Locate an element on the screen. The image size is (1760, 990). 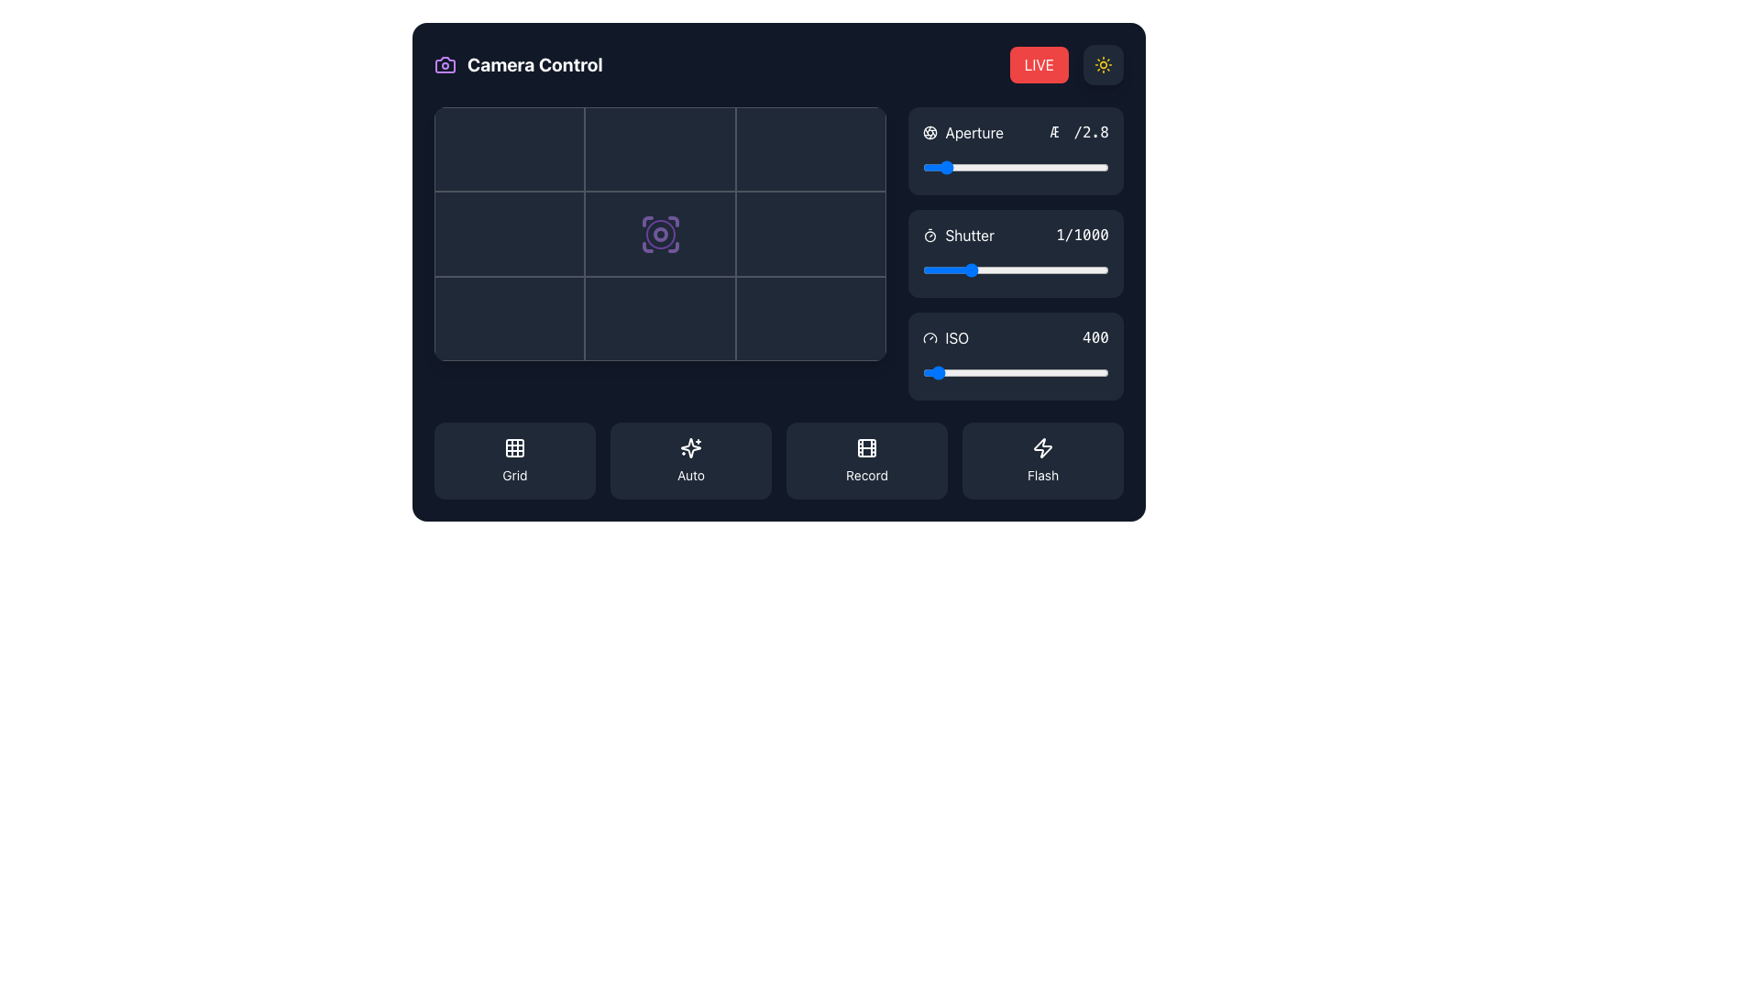
the interactive preview area or alignment focus box, which features a grid pattern and a purple circular motif in the center, to interact with the grid is located at coordinates (660, 233).